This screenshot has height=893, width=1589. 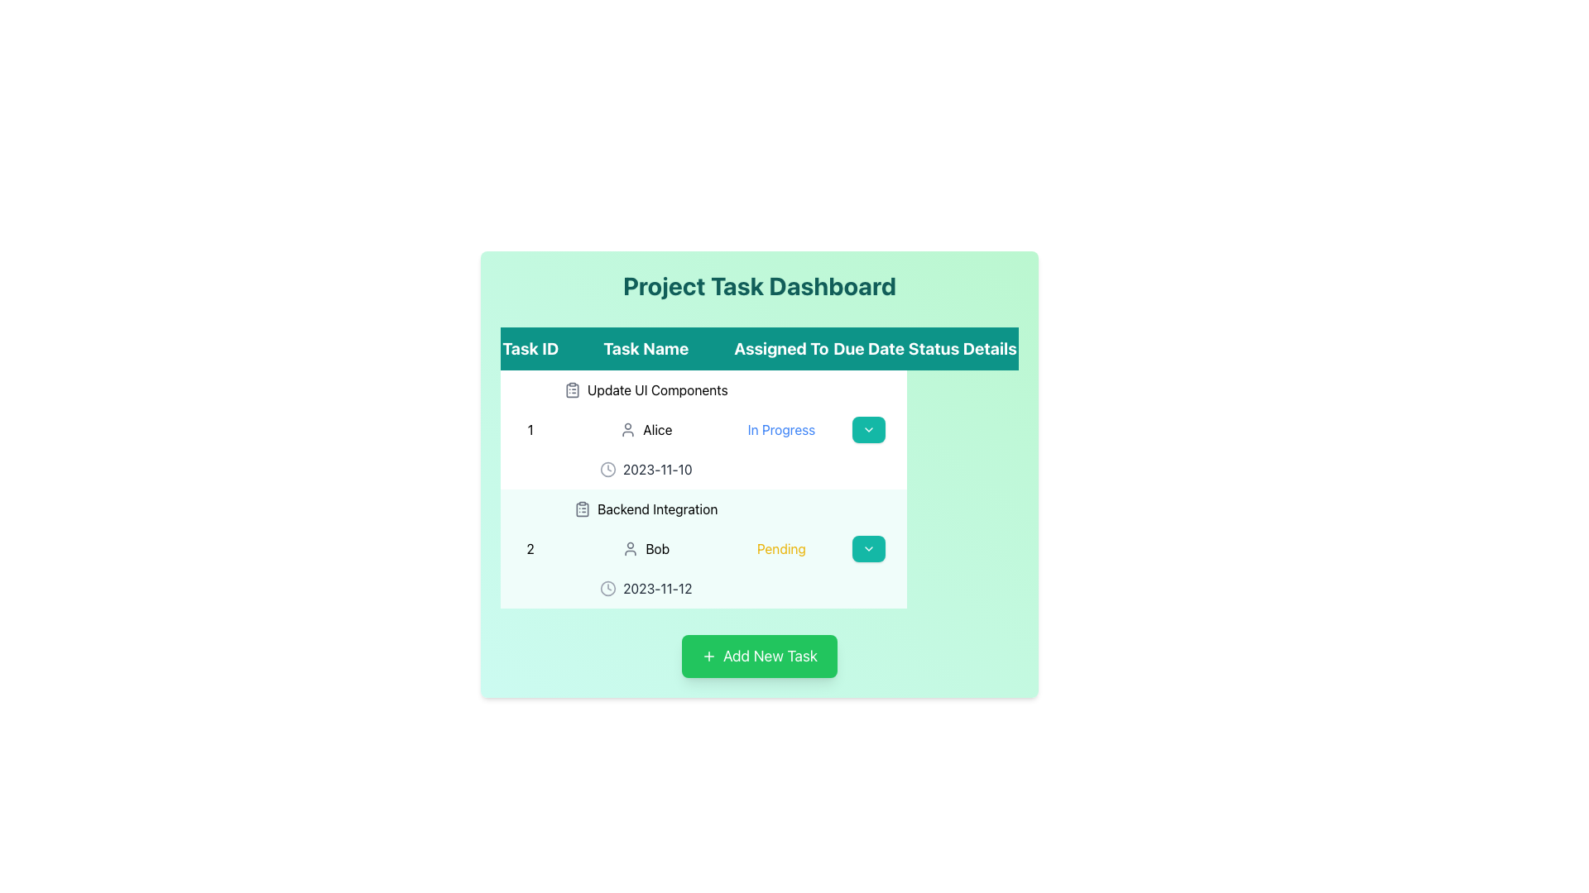 What do you see at coordinates (758, 656) in the screenshot?
I see `the green rectangular button labeled 'Add New Task'` at bounding box center [758, 656].